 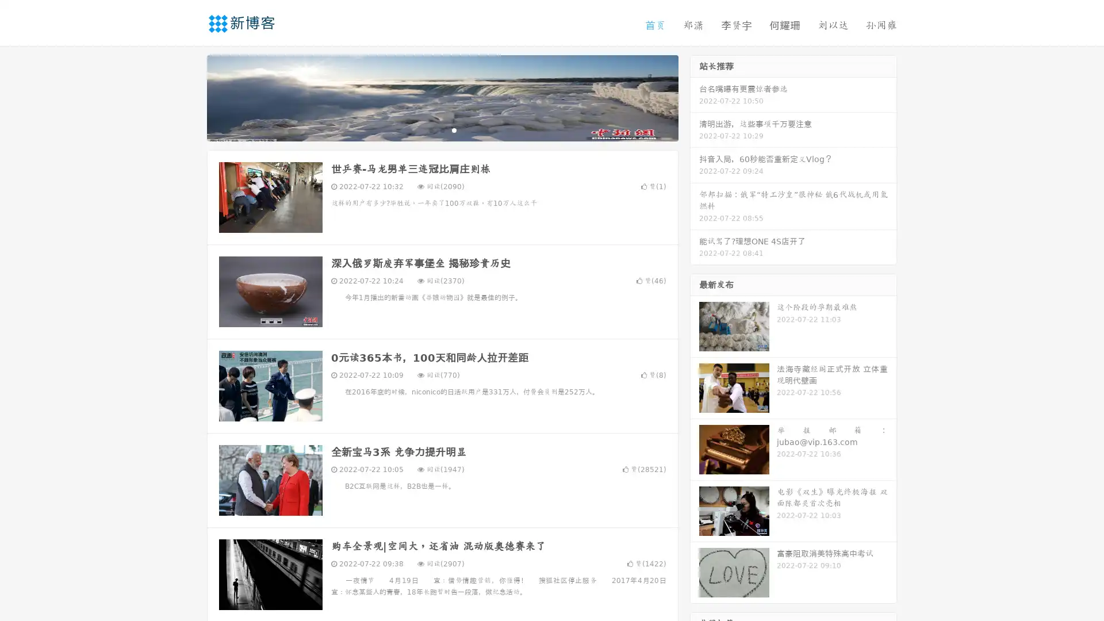 I want to click on Previous slide, so click(x=190, y=97).